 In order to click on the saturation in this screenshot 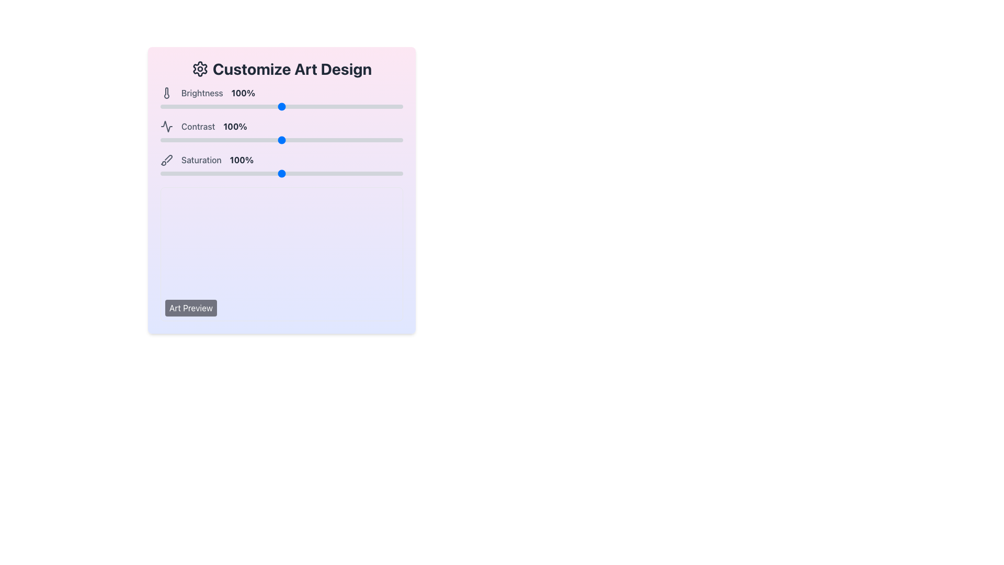, I will do `click(236, 173)`.